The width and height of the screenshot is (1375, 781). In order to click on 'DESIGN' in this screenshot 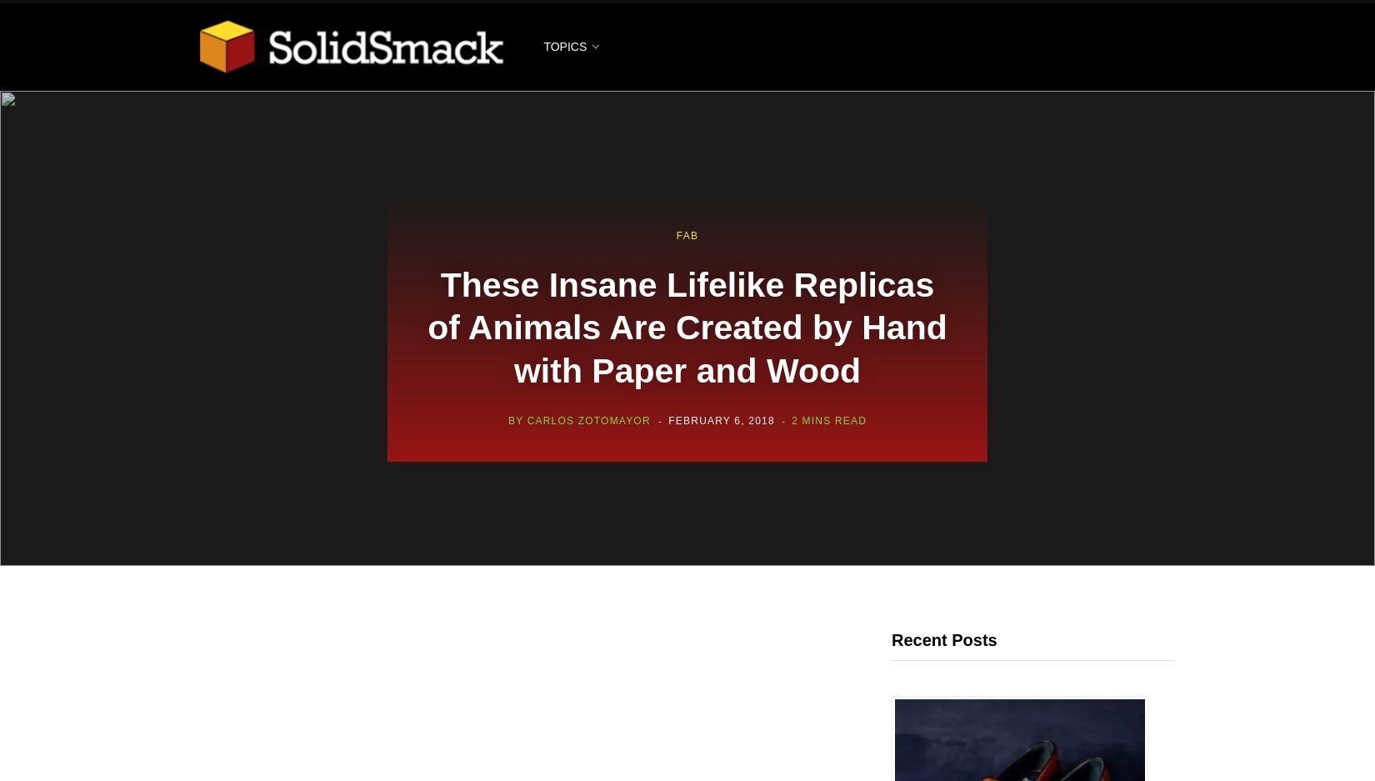, I will do `click(565, 133)`.